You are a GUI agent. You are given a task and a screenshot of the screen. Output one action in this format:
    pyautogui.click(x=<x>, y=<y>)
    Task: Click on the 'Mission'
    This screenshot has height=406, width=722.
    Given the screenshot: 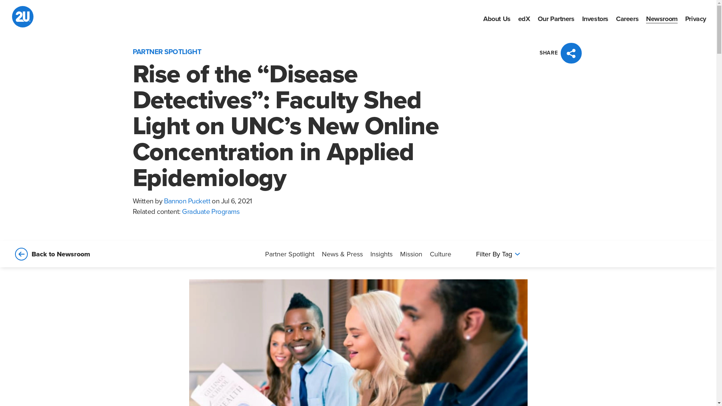 What is the action you would take?
    pyautogui.click(x=411, y=254)
    